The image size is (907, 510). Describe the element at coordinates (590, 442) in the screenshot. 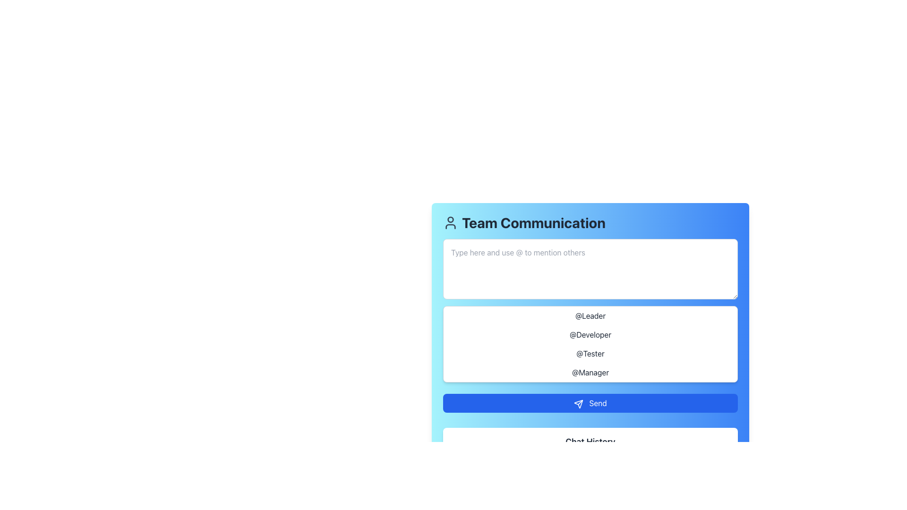

I see `the Text Label that serves as a title for the message history section, located above the 'No messages yet.' text` at that location.